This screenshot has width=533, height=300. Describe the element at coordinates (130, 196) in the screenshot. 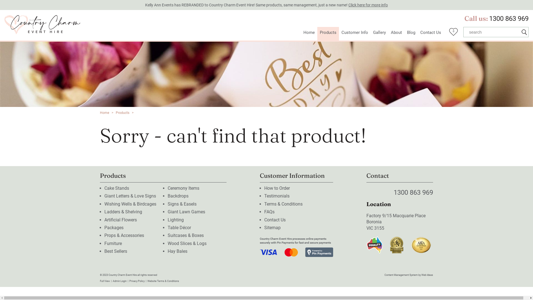

I see `'Giant Letters & Love Signs'` at that location.